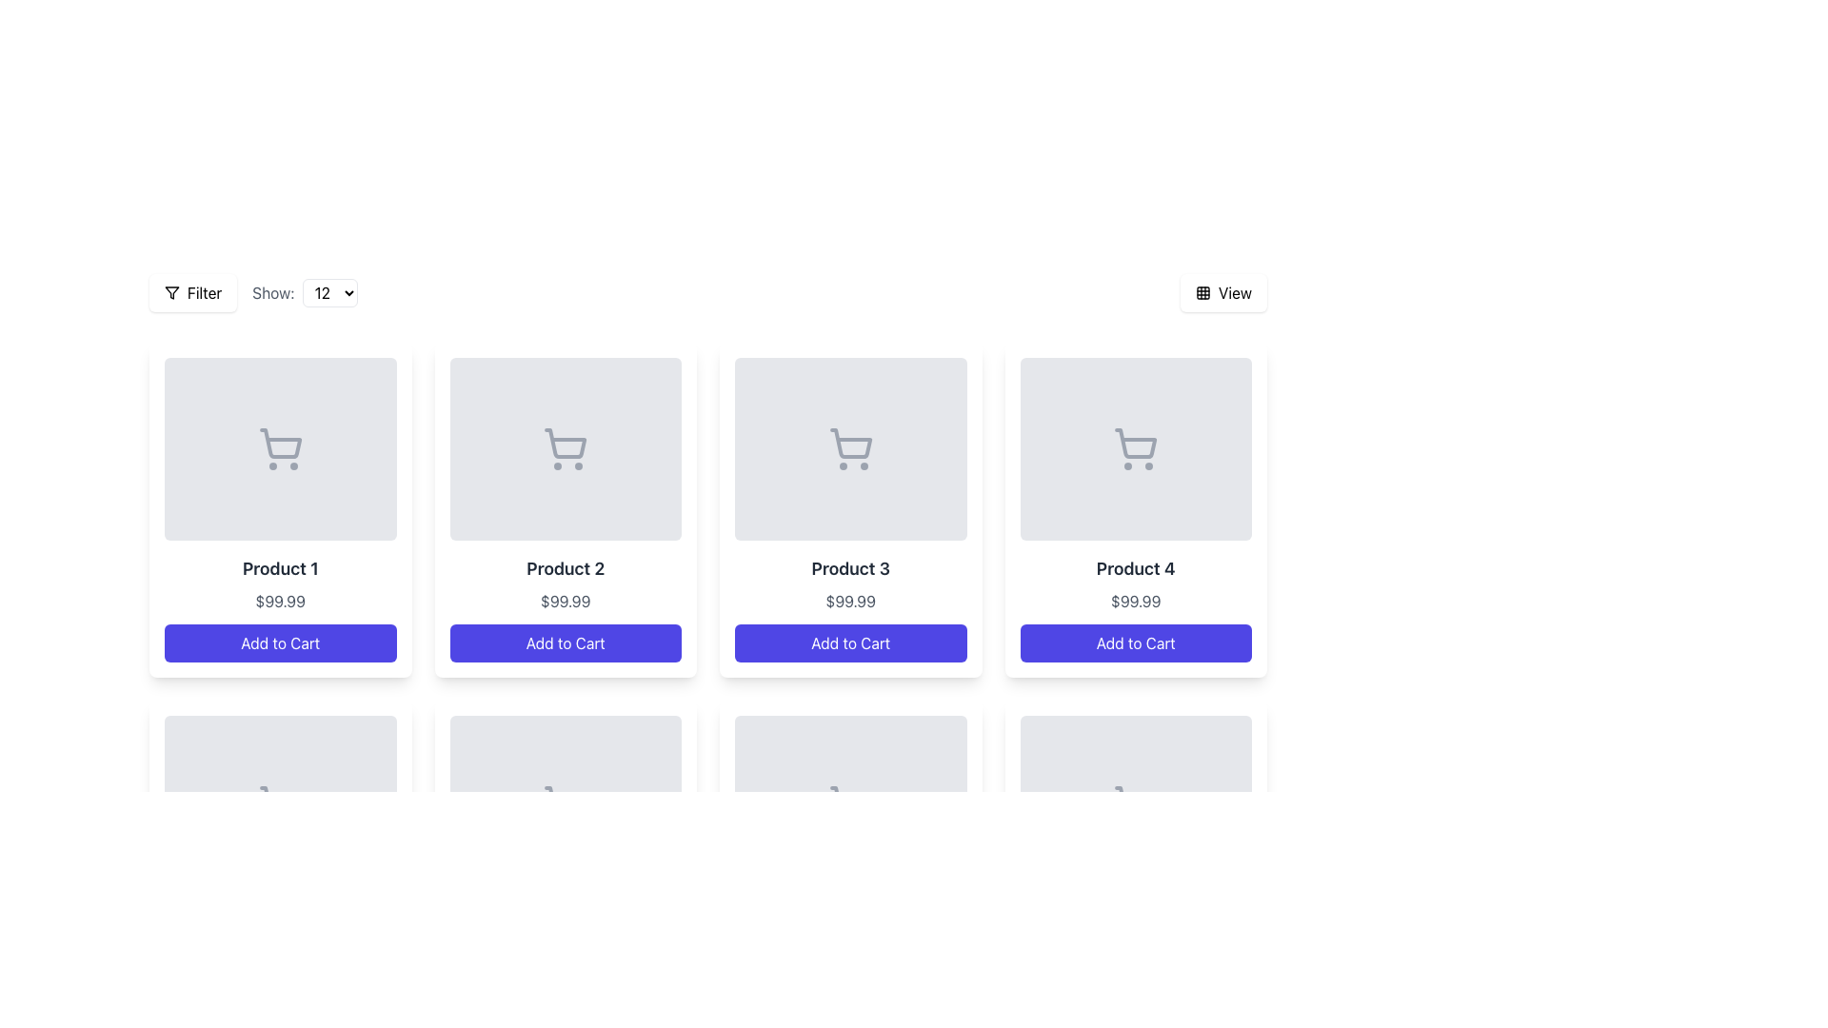  What do you see at coordinates (172, 293) in the screenshot?
I see `the filter funnel icon located within the white button labeled 'Filter'` at bounding box center [172, 293].